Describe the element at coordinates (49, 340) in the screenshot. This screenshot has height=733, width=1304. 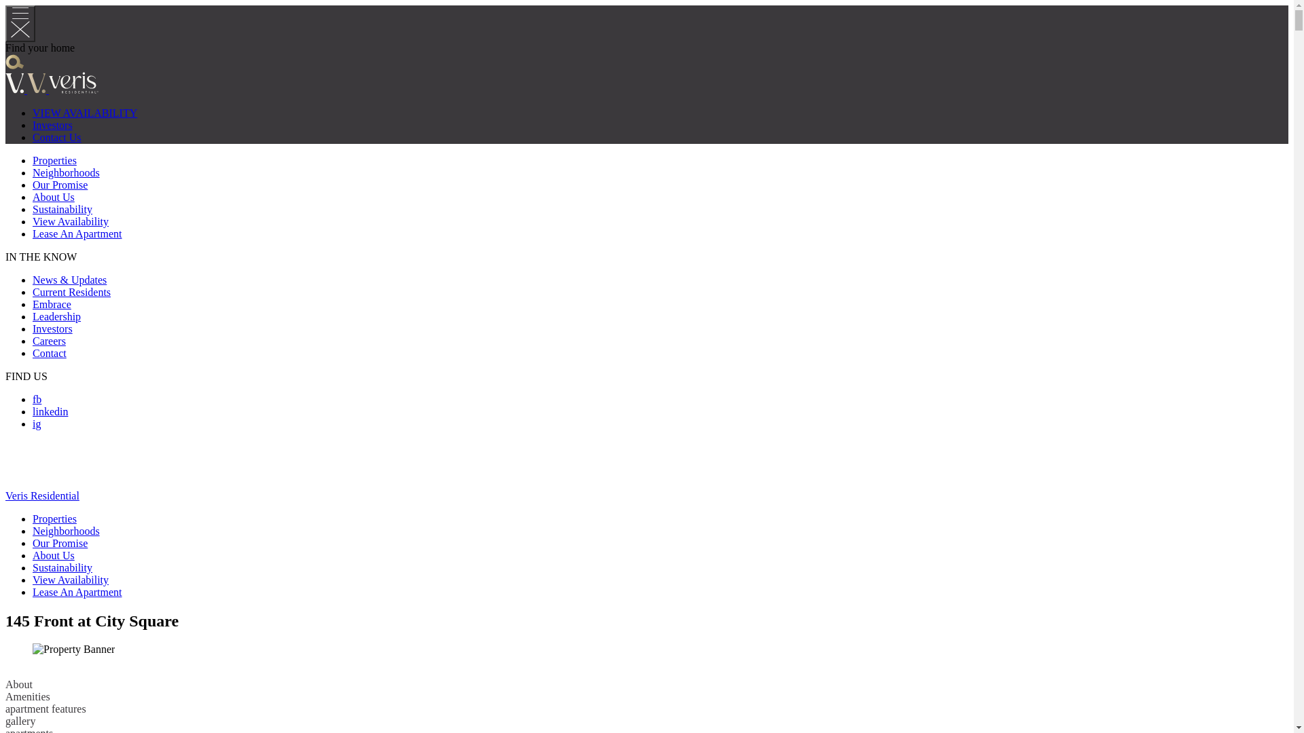
I see `'Careers'` at that location.